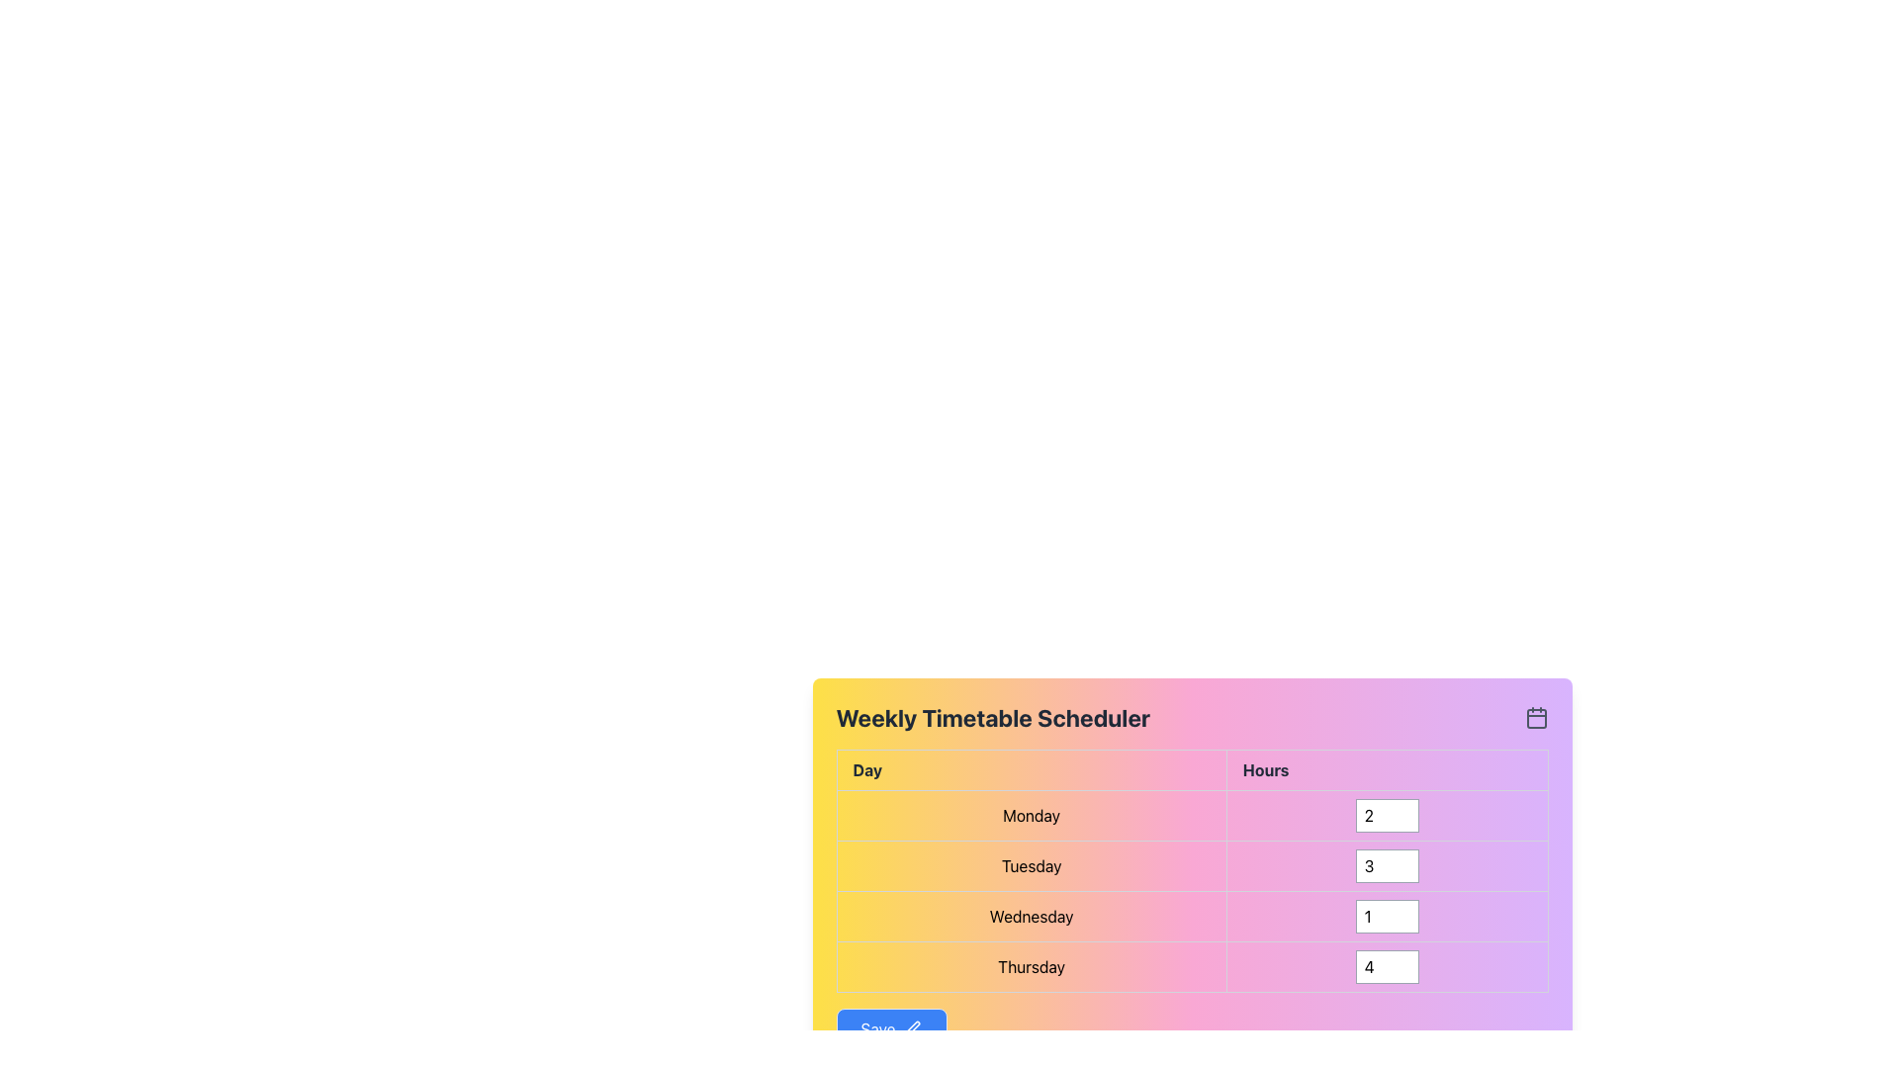 This screenshot has height=1068, width=1899. Describe the element at coordinates (1031, 966) in the screenshot. I see `the non-interactive text label indicating 'Thursday' in the timetable, located in the fourth row under the 'Day' column` at that location.